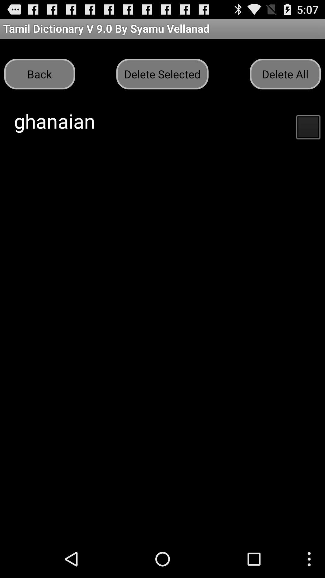  I want to click on the button to the right of the delete selected icon, so click(285, 73).